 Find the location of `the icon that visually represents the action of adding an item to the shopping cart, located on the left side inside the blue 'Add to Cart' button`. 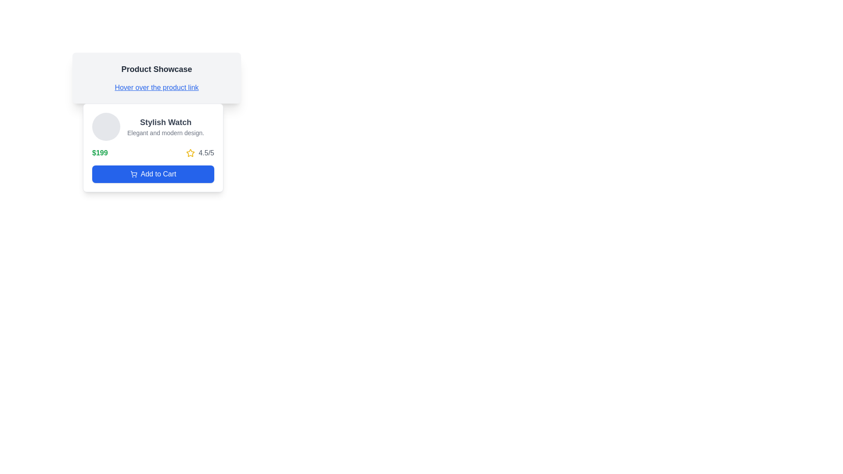

the icon that visually represents the action of adding an item to the shopping cart, located on the left side inside the blue 'Add to Cart' button is located at coordinates (133, 174).